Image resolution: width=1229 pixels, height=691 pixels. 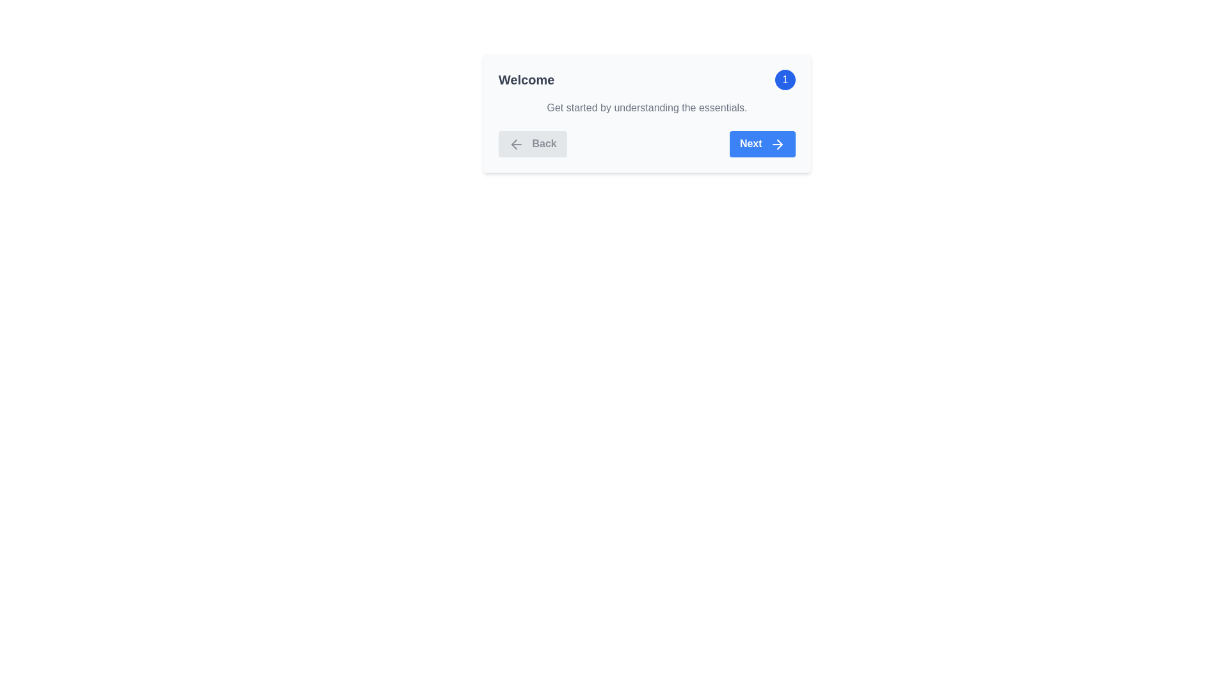 What do you see at coordinates (785, 79) in the screenshot?
I see `the circular blue badge with the white number '1' that is located to the right of the 'Welcome' title text in the header section of the card` at bounding box center [785, 79].